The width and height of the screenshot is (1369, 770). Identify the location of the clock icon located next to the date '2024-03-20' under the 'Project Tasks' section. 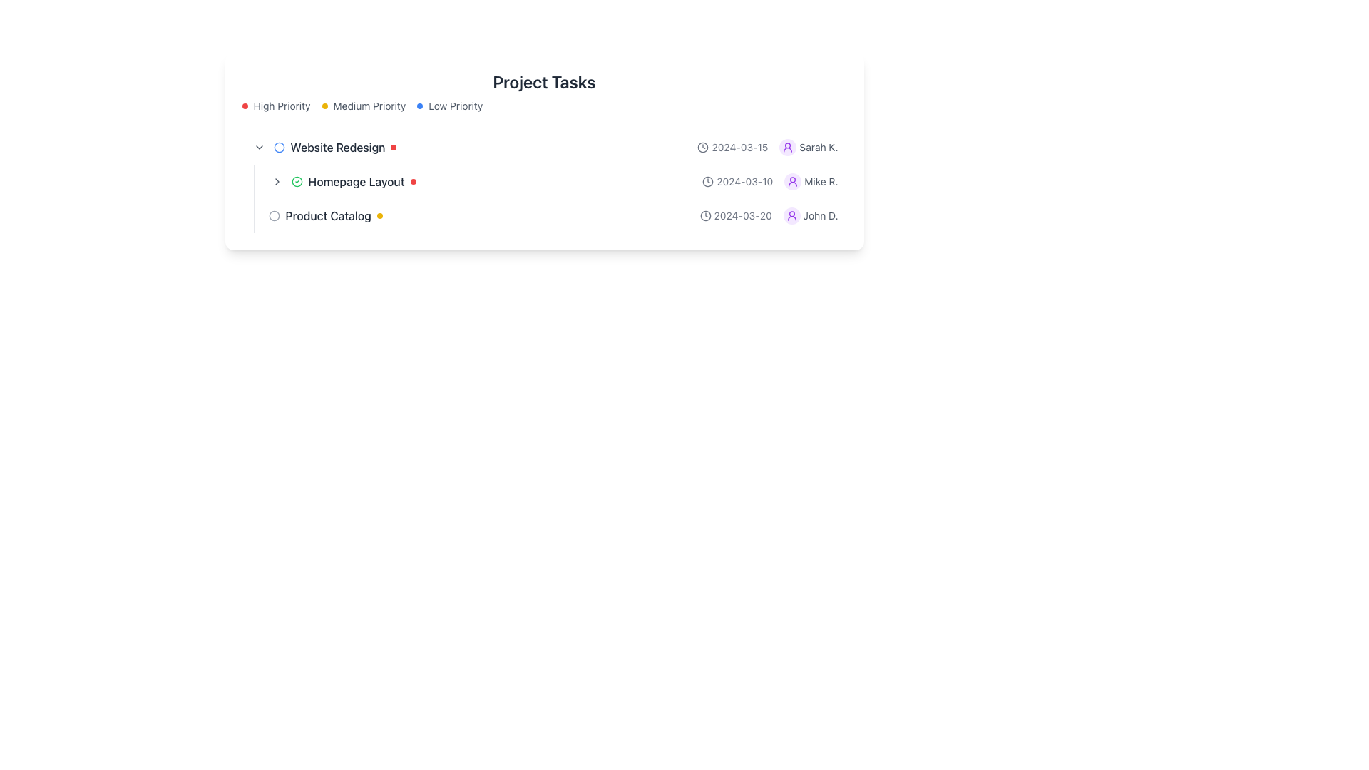
(705, 216).